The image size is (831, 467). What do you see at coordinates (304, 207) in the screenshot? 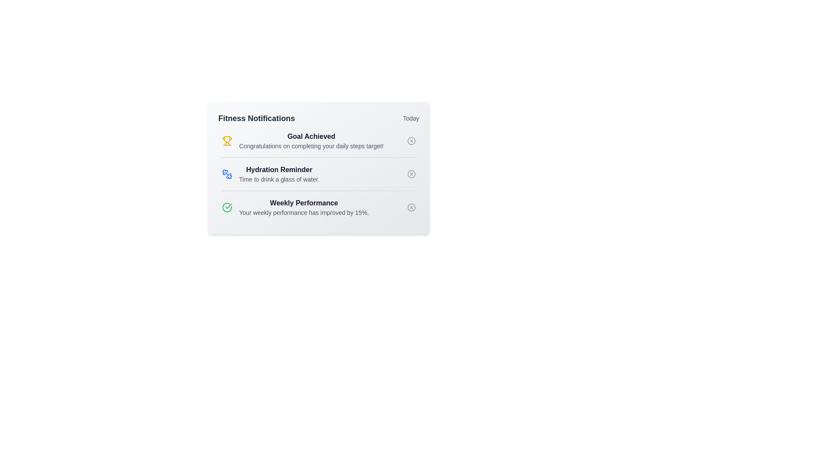
I see `the text block titled 'Weekly Performance', which is styled in bold and located under 'Fitness Notifications'` at bounding box center [304, 207].